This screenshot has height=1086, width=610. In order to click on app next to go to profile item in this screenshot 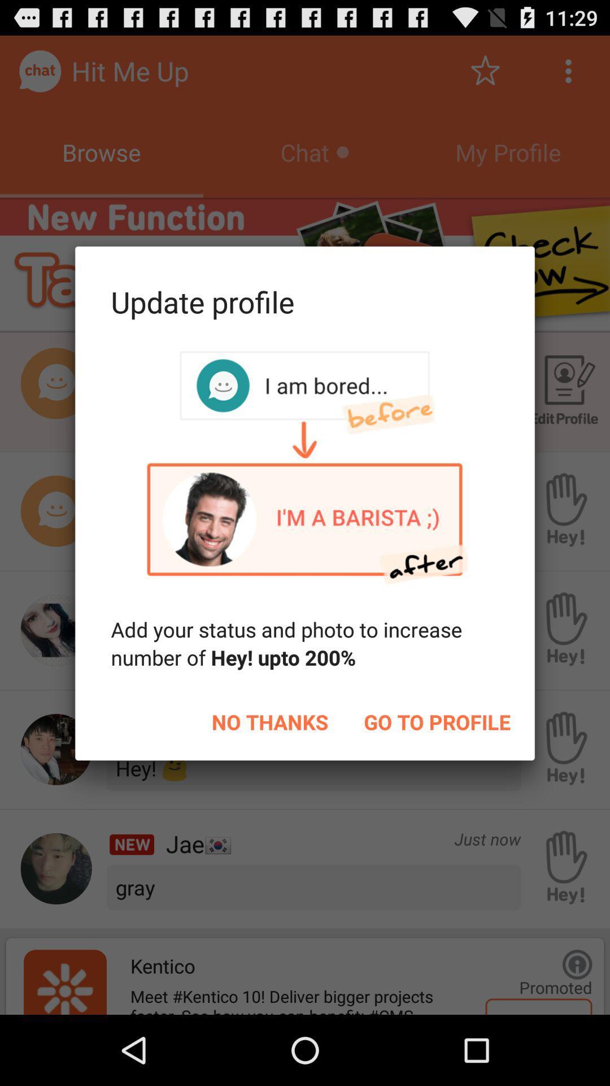, I will do `click(270, 721)`.